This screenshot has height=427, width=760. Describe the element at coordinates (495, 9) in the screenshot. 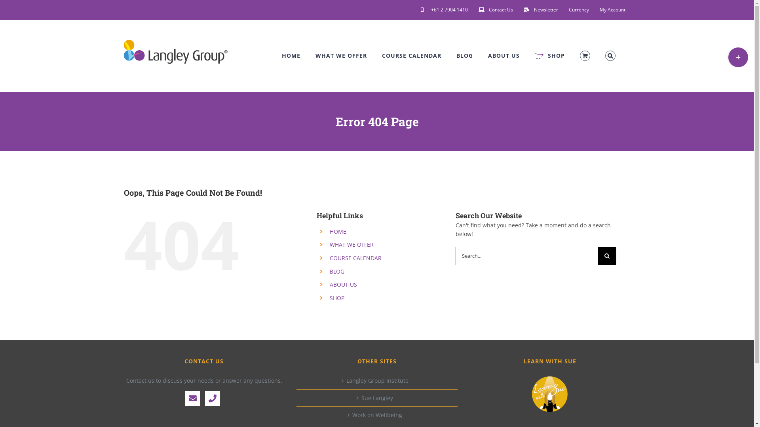

I see `'Contact Us'` at that location.